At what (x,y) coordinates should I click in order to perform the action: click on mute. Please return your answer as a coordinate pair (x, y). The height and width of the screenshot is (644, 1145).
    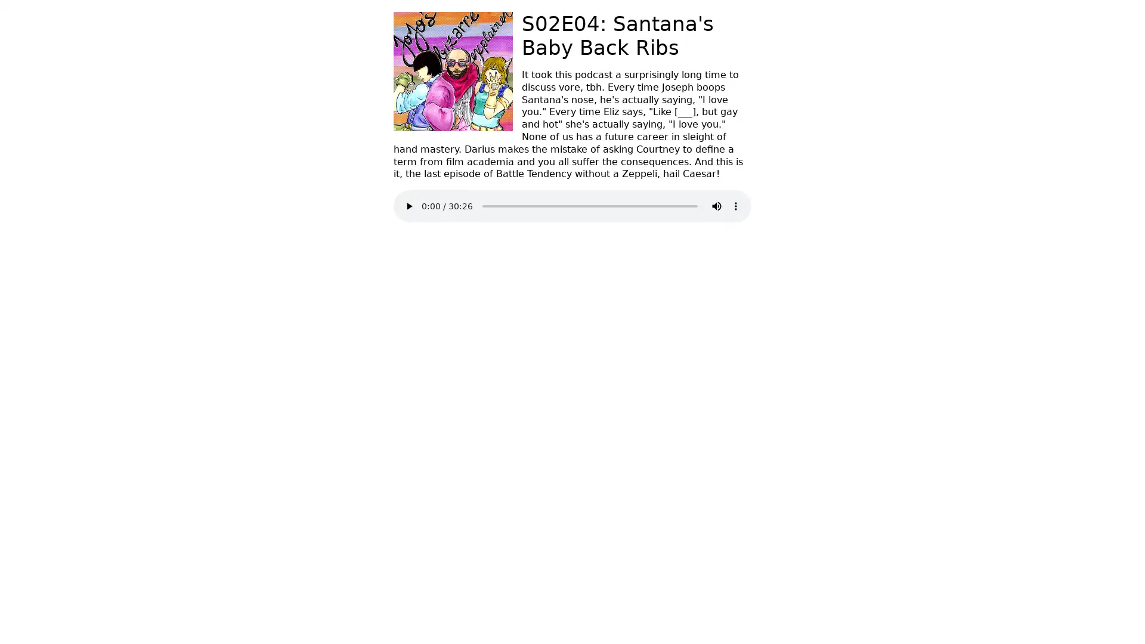
    Looking at the image, I should click on (716, 206).